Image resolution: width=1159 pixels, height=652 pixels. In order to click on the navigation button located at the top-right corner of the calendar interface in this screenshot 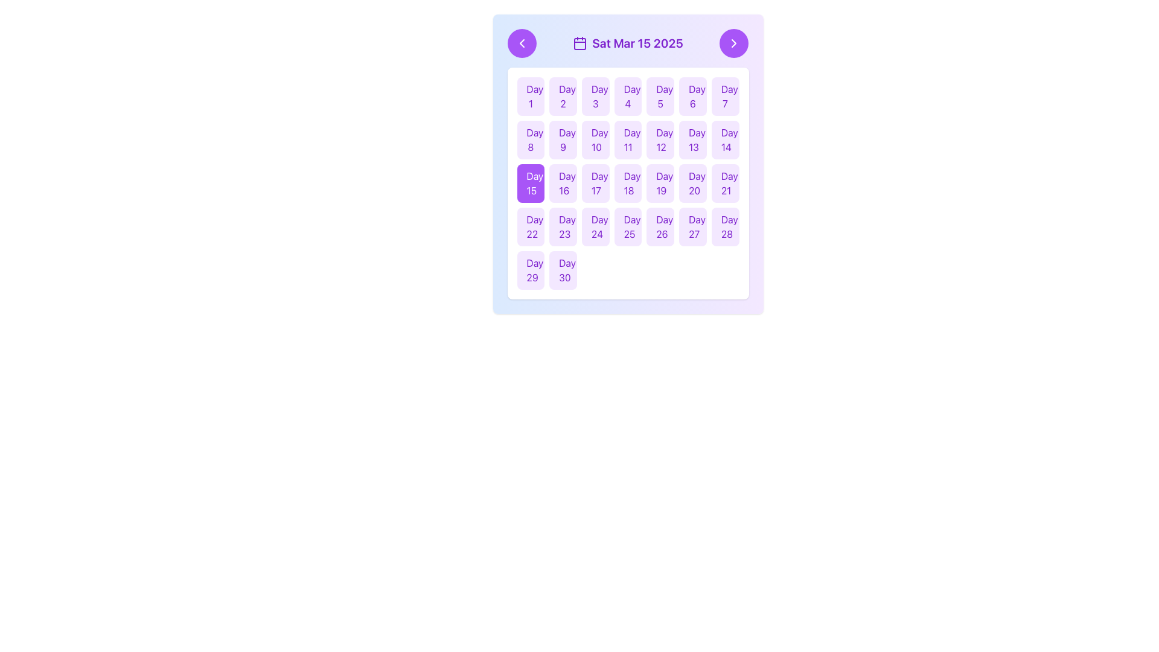, I will do `click(733, 43)`.